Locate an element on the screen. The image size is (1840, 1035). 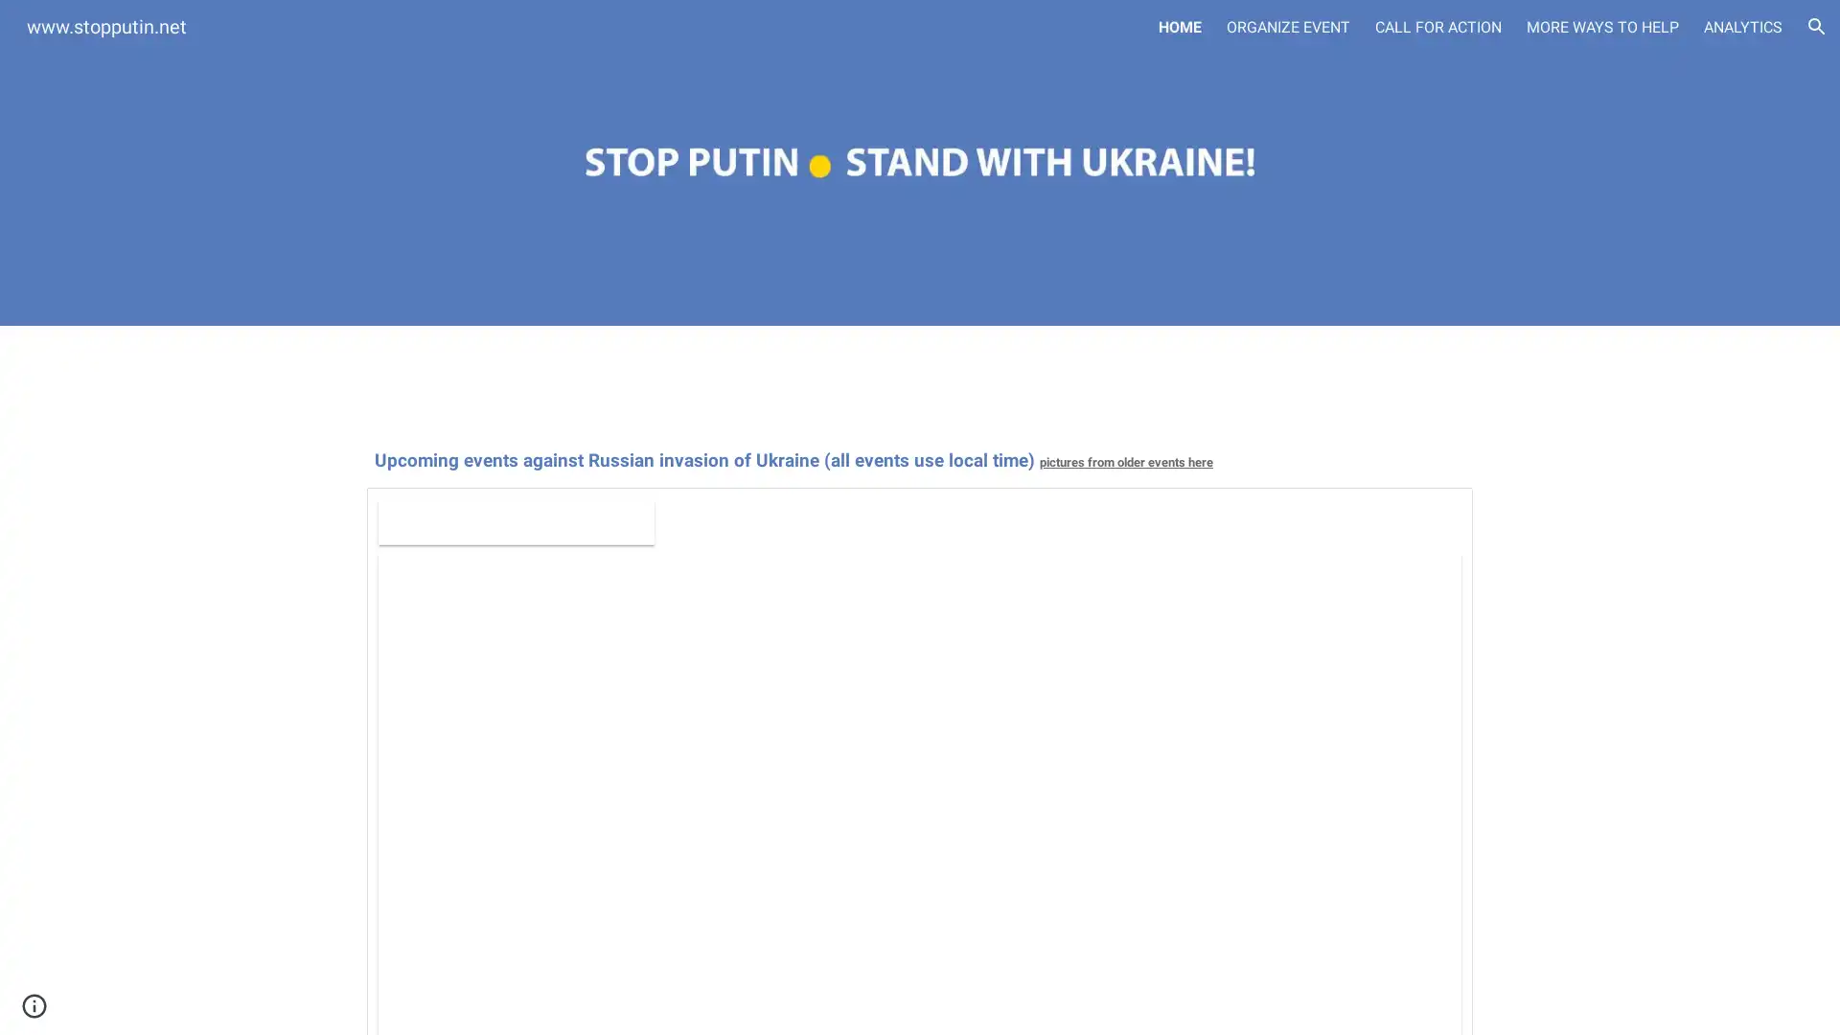
Report abuse is located at coordinates (230, 1000).